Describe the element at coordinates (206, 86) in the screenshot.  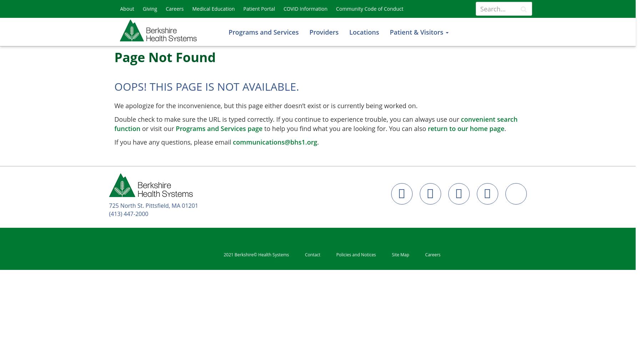
I see `'Oops! This page is not available.'` at that location.